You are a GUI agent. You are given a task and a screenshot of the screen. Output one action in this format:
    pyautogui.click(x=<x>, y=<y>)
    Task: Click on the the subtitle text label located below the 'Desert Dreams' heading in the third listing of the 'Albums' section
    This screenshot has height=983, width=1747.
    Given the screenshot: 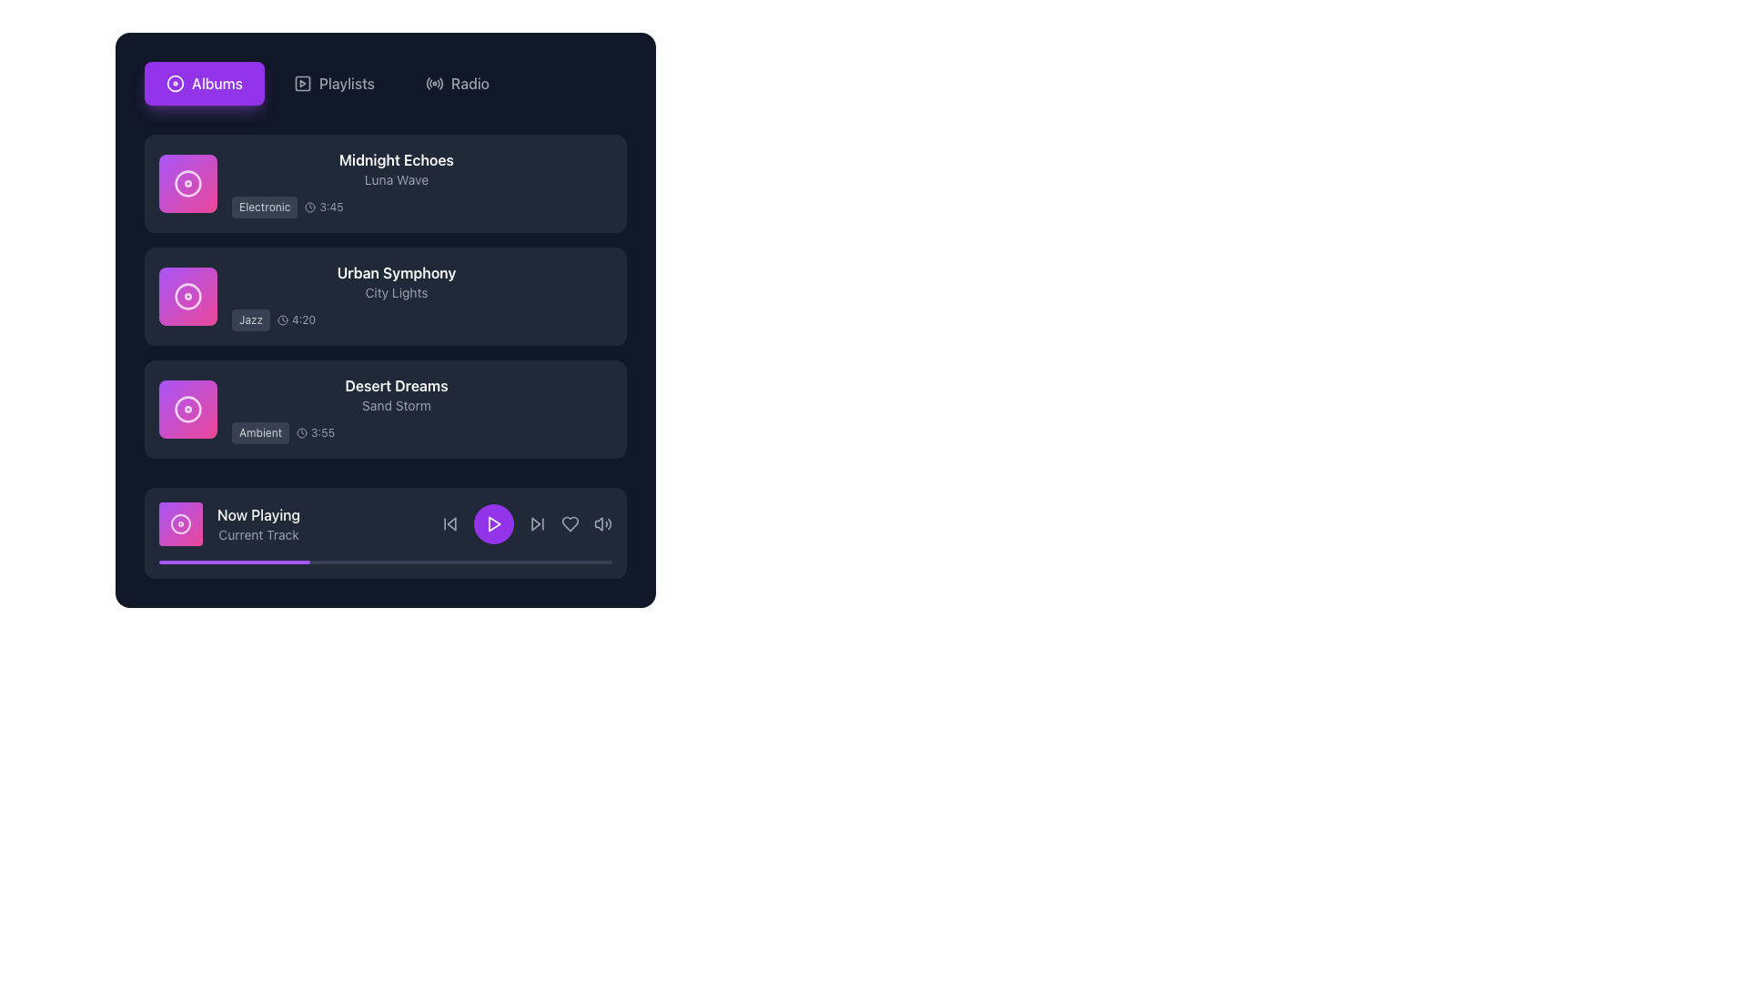 What is the action you would take?
    pyautogui.click(x=396, y=405)
    